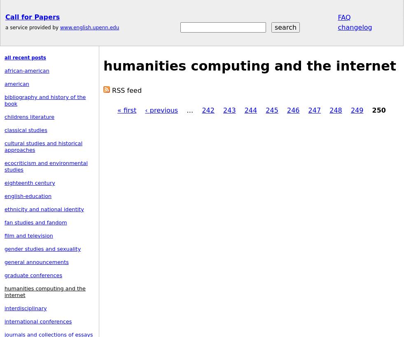 The height and width of the screenshot is (337, 404). What do you see at coordinates (208, 110) in the screenshot?
I see `'242'` at bounding box center [208, 110].